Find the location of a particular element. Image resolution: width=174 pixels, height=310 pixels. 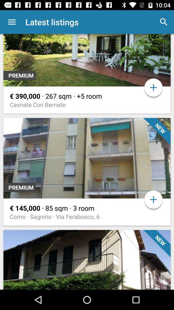

item to the right of latest listings app is located at coordinates (164, 22).